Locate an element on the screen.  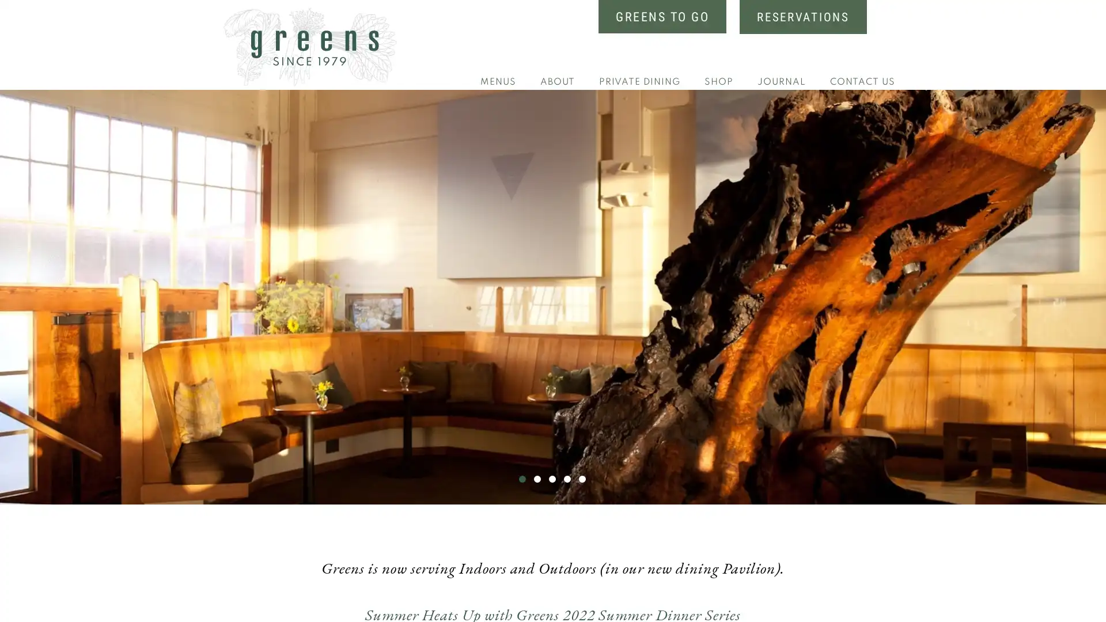
Go to slide 3 is located at coordinates (552, 478).